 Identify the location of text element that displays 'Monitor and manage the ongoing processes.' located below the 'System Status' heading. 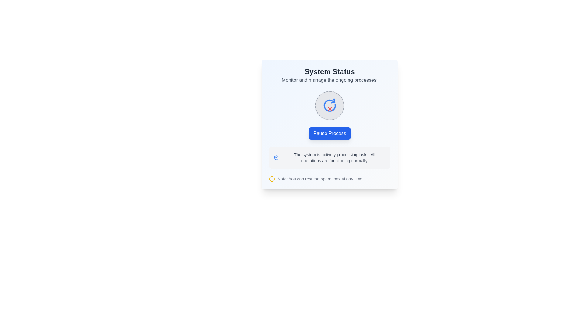
(329, 80).